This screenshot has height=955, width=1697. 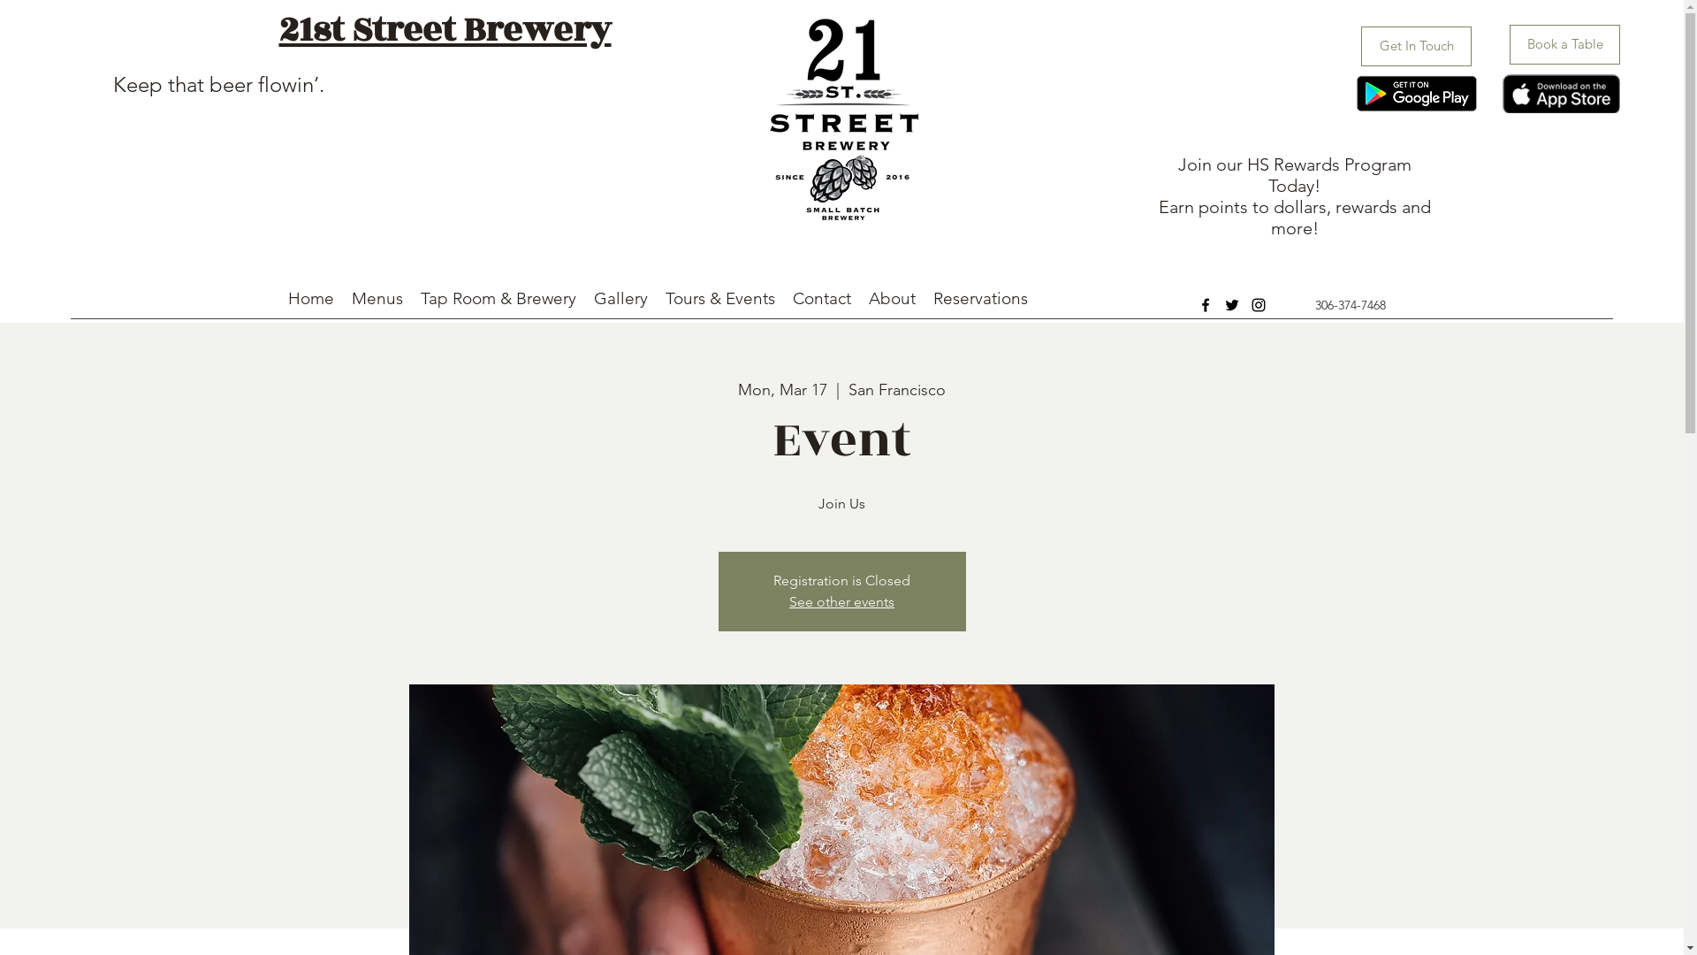 What do you see at coordinates (620, 298) in the screenshot?
I see `'Gallery'` at bounding box center [620, 298].